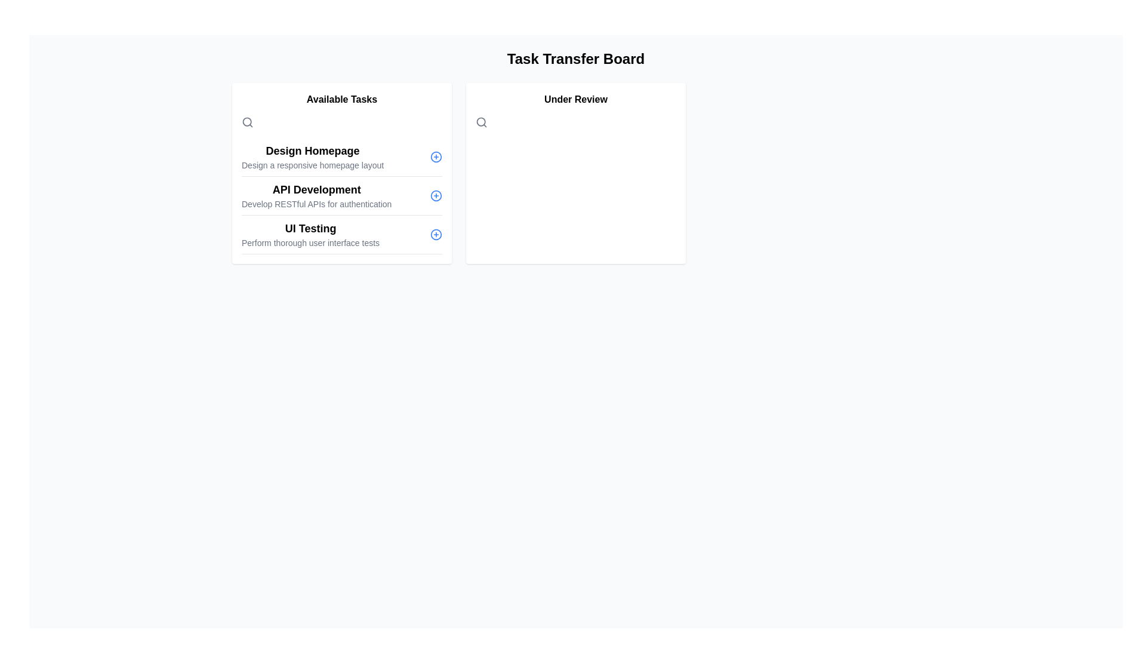 Image resolution: width=1146 pixels, height=645 pixels. What do you see at coordinates (310, 235) in the screenshot?
I see `text displayed in the Text Display Component, which shows 'UI Testing' in bold and larger font and 'Perform thorough user interface tests' in smaller, grayed-out font, located as the third task item under 'Available Tasks'` at bounding box center [310, 235].